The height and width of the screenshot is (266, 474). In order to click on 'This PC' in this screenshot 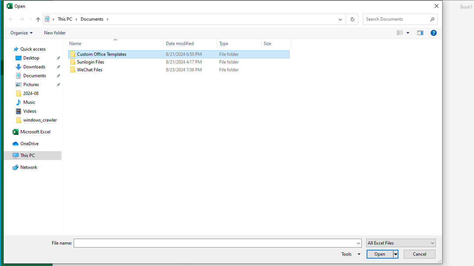, I will do `click(68, 18)`.